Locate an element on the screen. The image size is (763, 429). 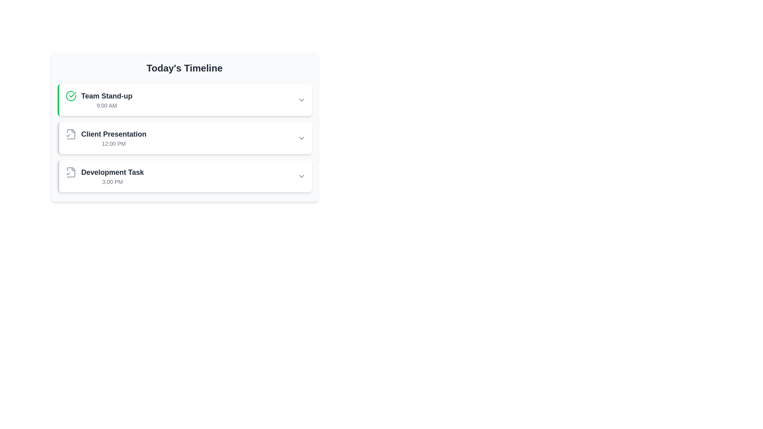
text content of the bold text label displaying 'Development Task', which is the title of the third entry in 'Today's Timeline' is located at coordinates (112, 172).